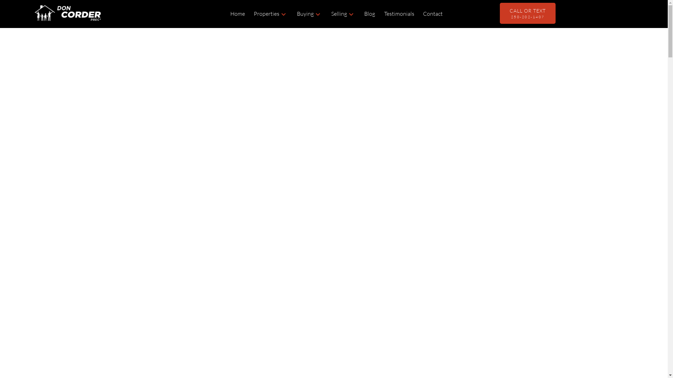 Image resolution: width=673 pixels, height=378 pixels. I want to click on 'Contact', so click(432, 14).